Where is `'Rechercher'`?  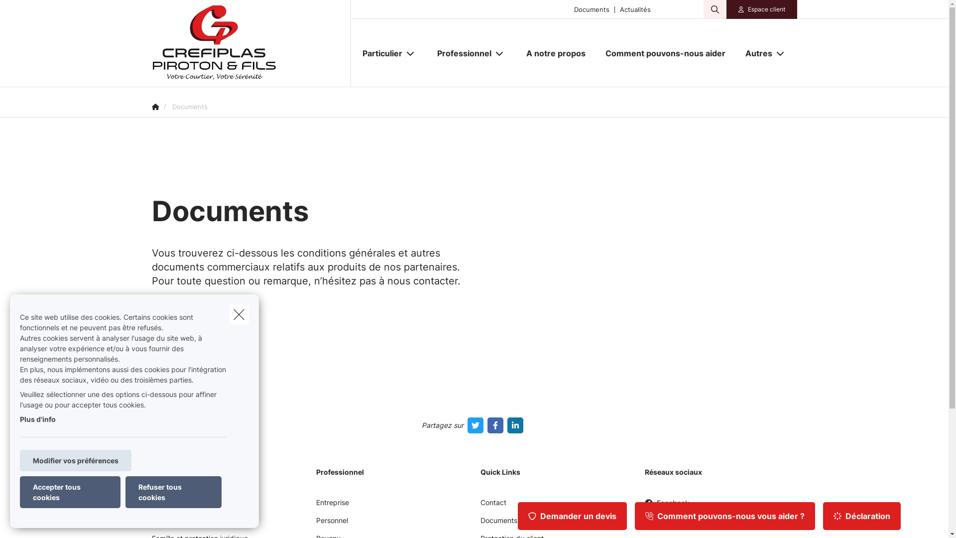 'Rechercher' is located at coordinates (0, 11).